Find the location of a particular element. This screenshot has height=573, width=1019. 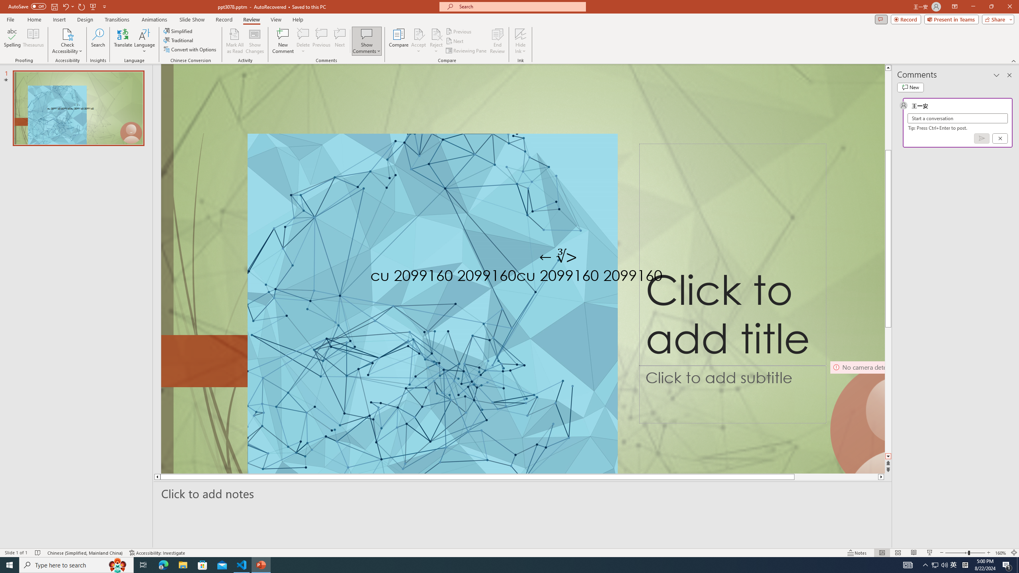

'Check Accessibility' is located at coordinates (66, 41).